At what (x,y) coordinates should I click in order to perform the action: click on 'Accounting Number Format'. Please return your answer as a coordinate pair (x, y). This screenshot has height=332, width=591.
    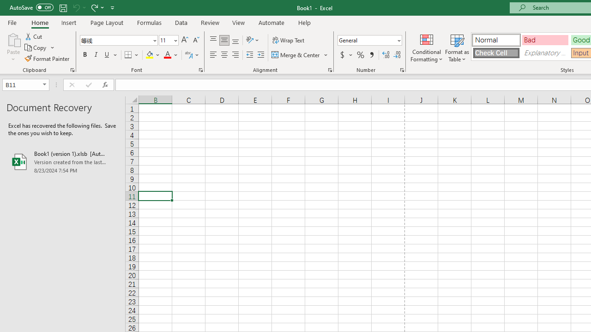
    Looking at the image, I should click on (345, 55).